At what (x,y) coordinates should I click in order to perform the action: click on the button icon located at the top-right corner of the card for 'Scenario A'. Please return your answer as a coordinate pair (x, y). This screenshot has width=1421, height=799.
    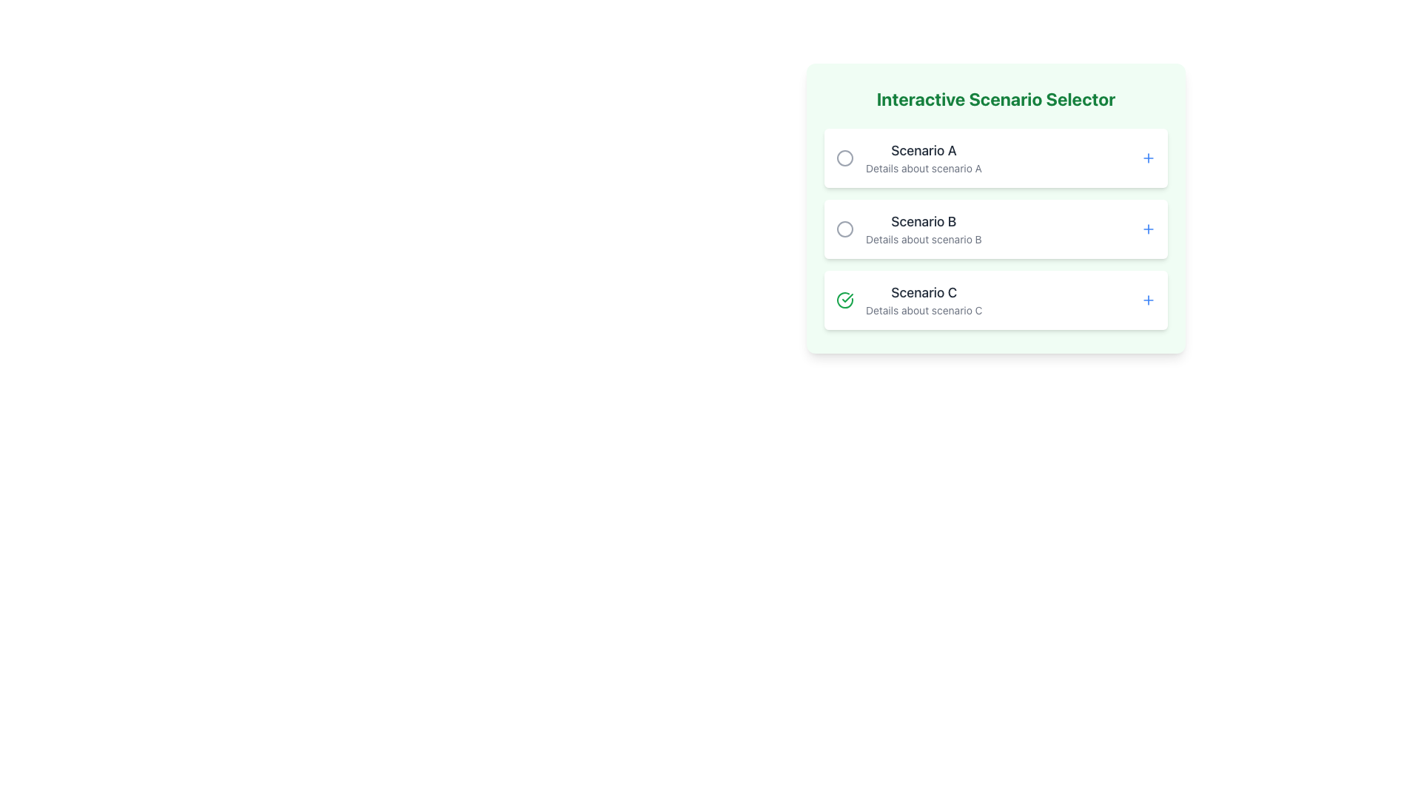
    Looking at the image, I should click on (1147, 158).